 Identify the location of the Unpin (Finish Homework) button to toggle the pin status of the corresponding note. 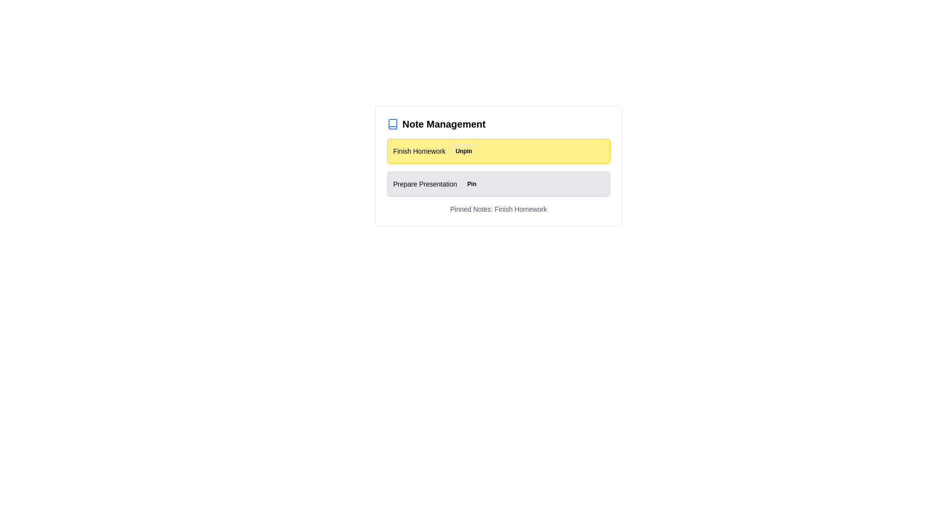
(463, 151).